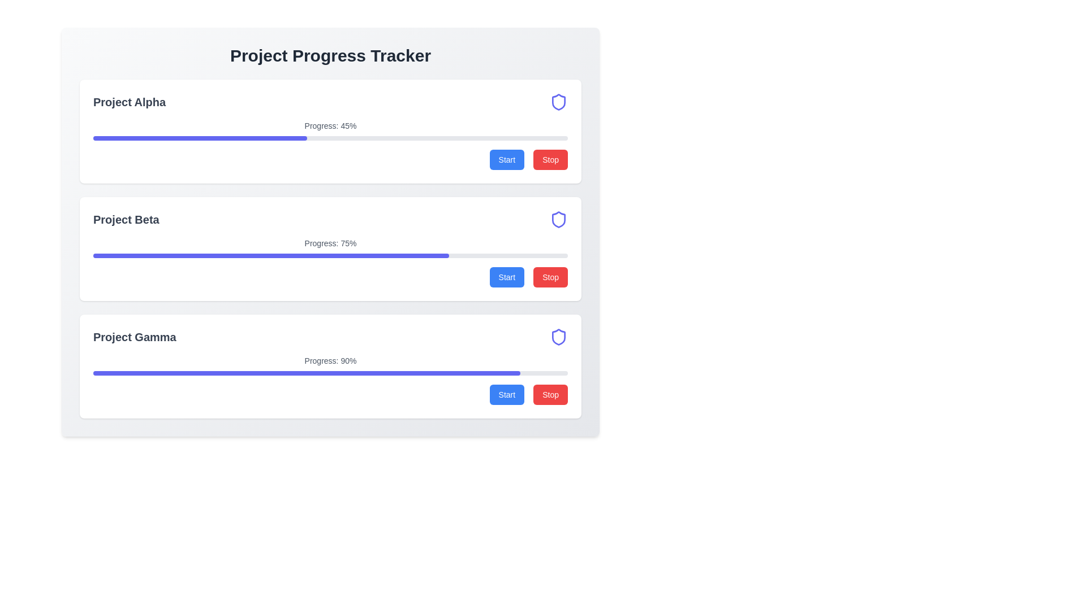  Describe the element at coordinates (330, 255) in the screenshot. I see `the second progress bar in the 'Project Beta' section, which has a light gray background and an indigo filled section indicating 75% progress` at that location.